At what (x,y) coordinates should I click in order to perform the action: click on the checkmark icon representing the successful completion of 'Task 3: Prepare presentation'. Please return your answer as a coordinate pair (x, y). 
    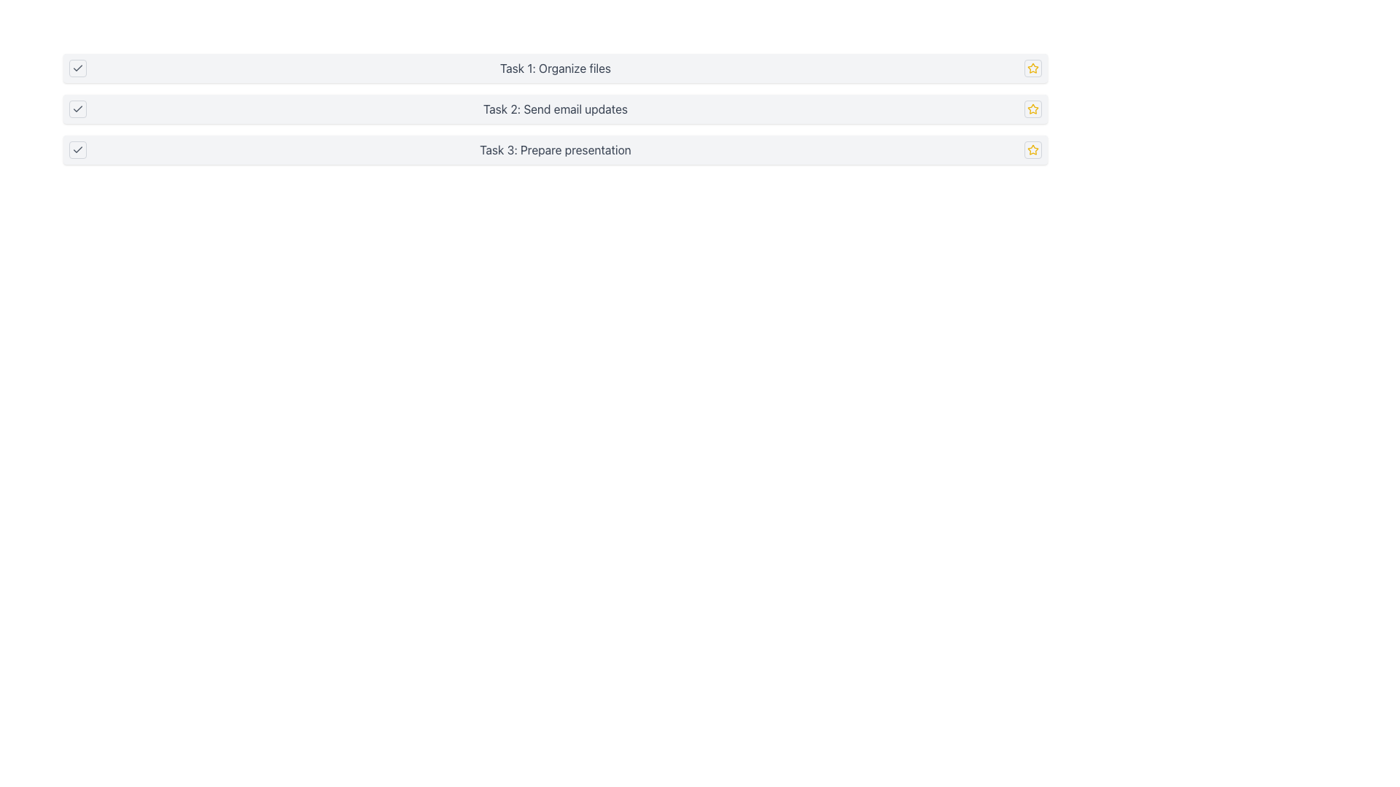
    Looking at the image, I should click on (77, 149).